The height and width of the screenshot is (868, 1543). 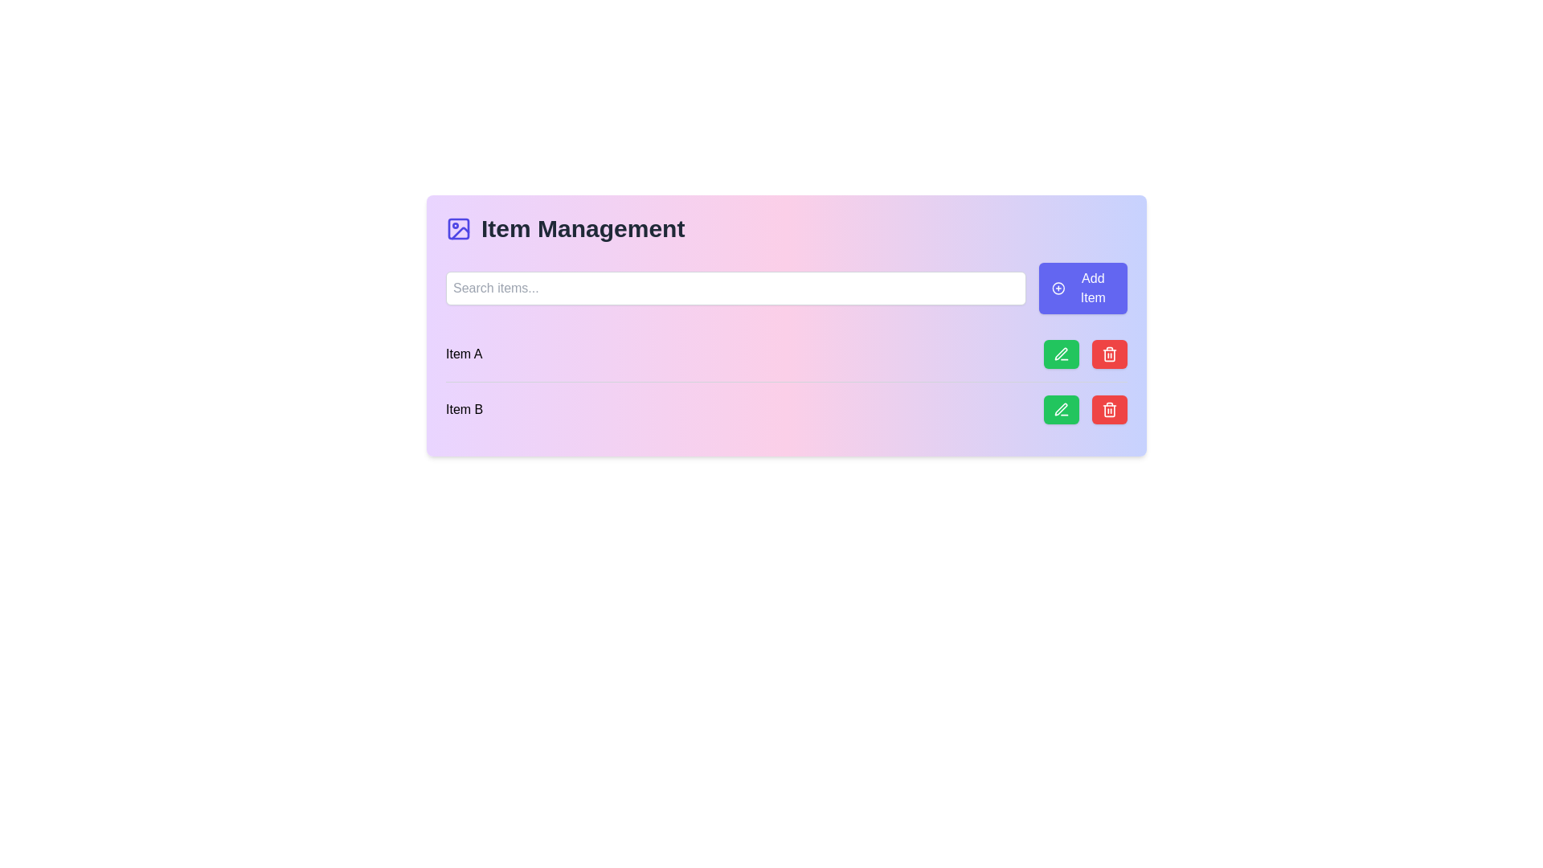 I want to click on the green rectangular button featuring a white pen icon, so click(x=1061, y=408).